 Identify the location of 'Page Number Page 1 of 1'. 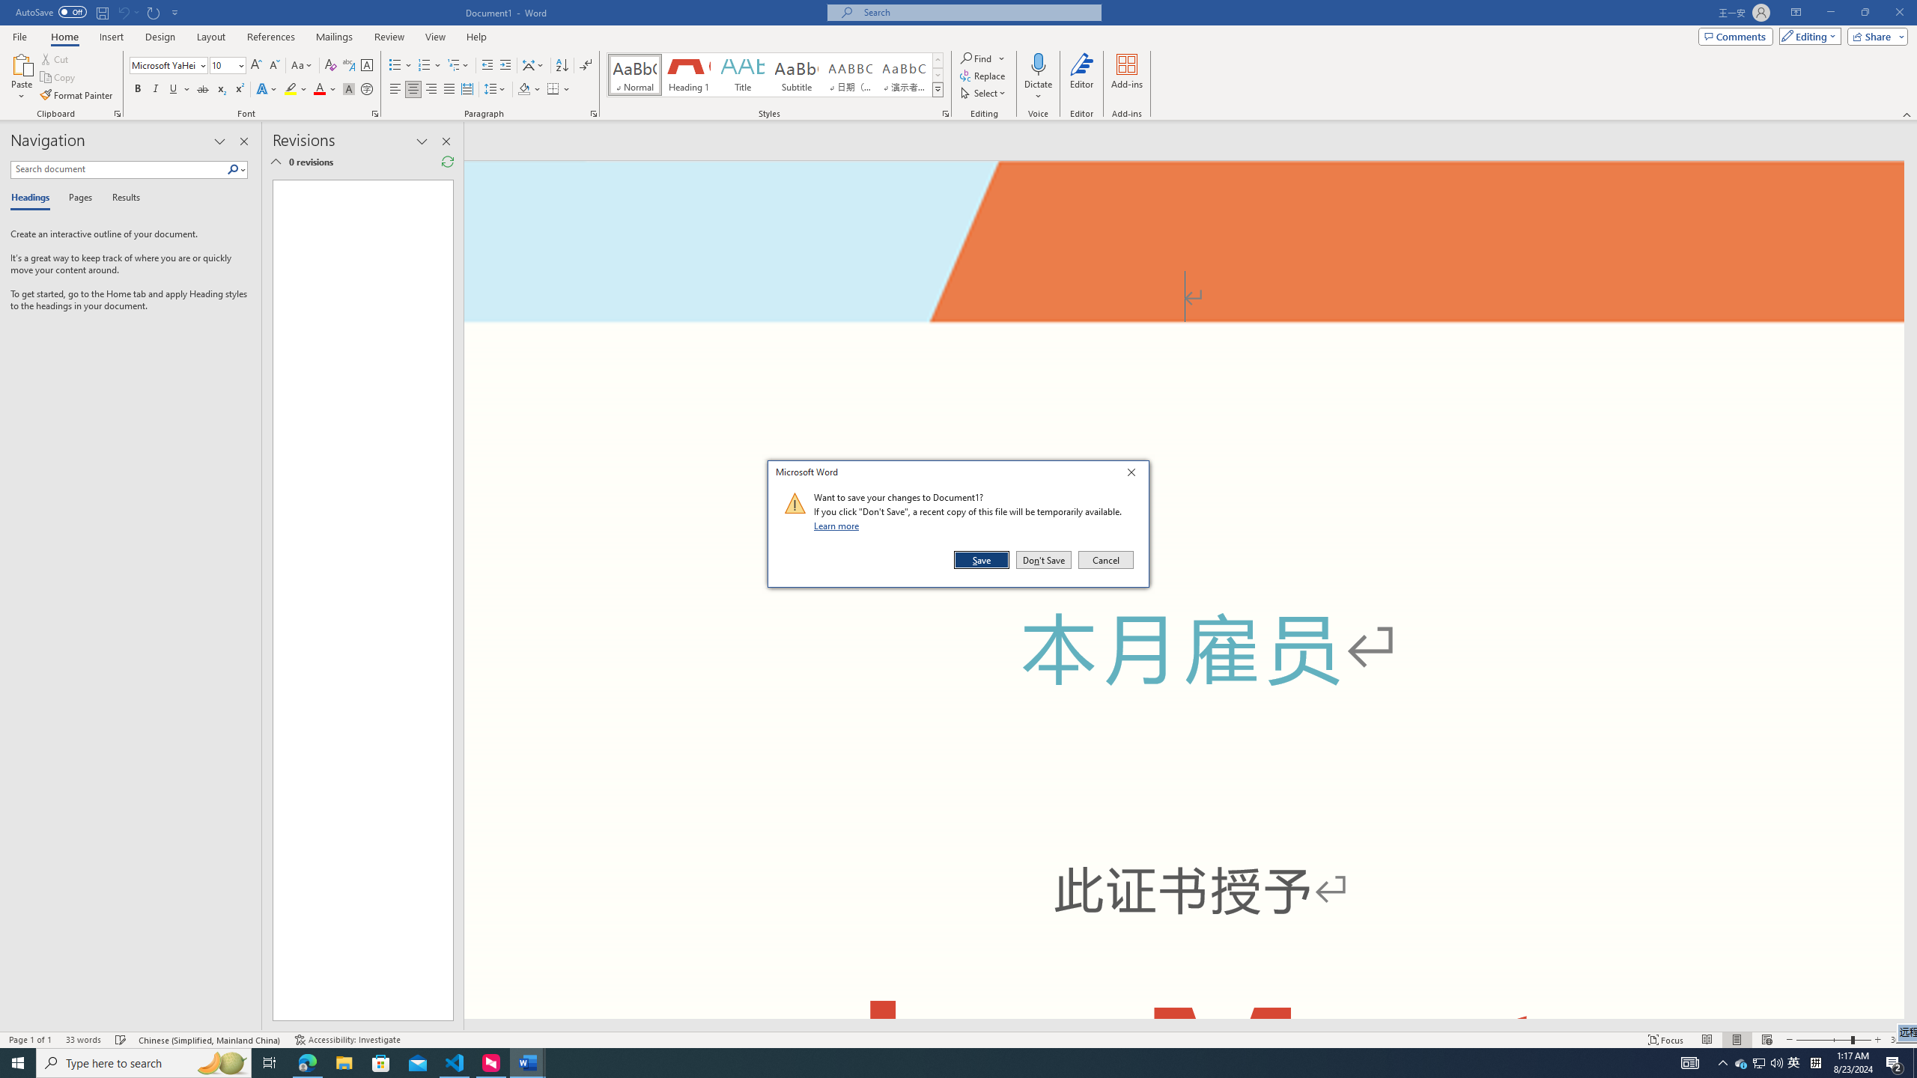
(30, 1040).